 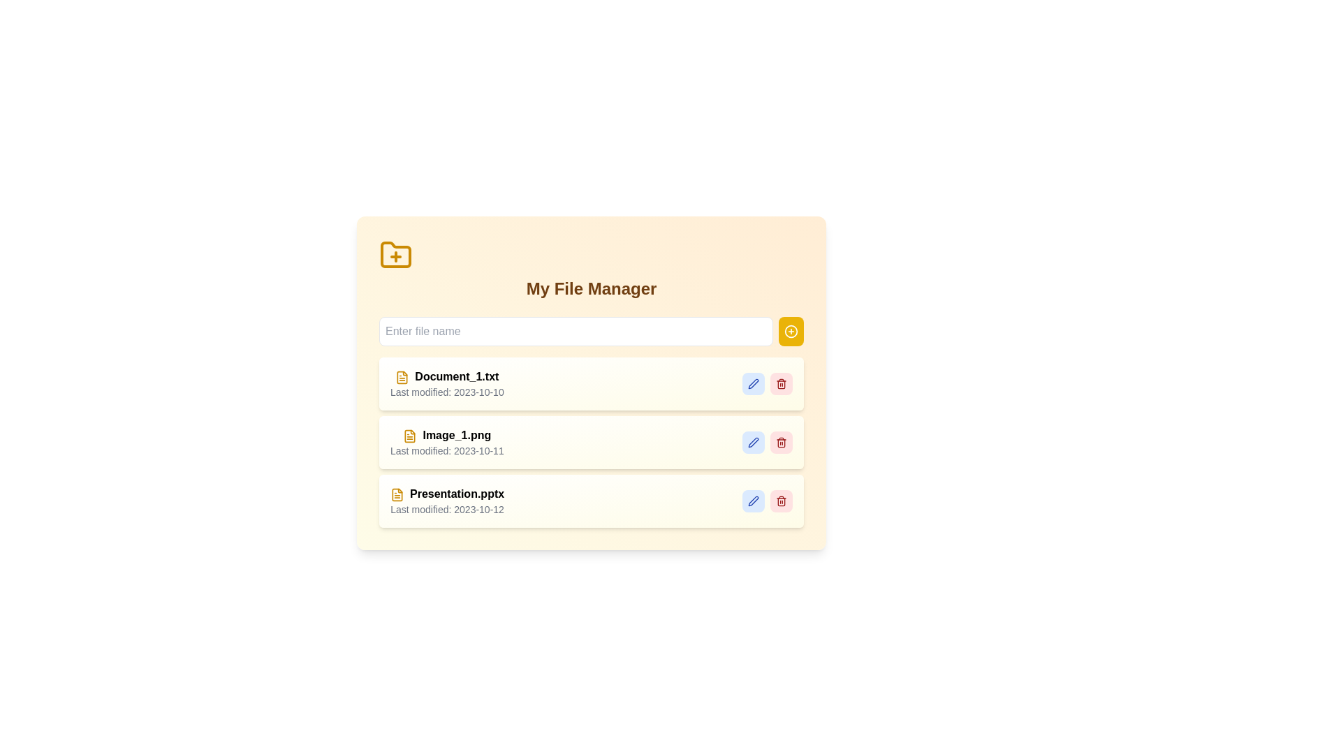 What do you see at coordinates (791, 331) in the screenshot?
I see `the button used for adding new items, positioned to the right of a text input box` at bounding box center [791, 331].